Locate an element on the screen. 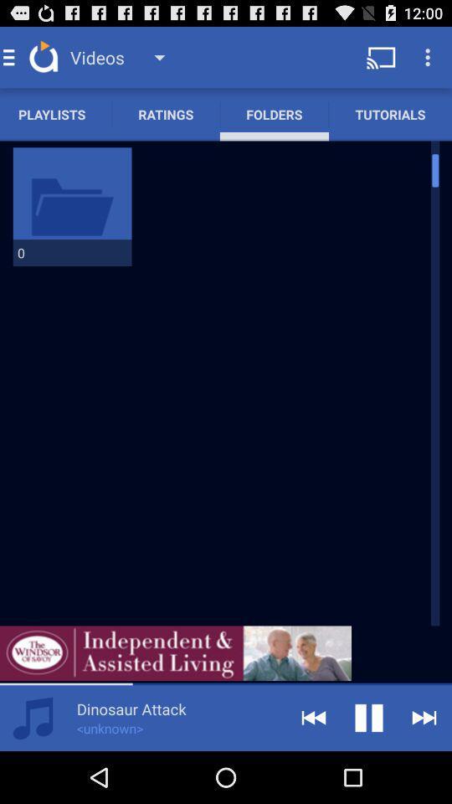 The height and width of the screenshot is (804, 452). the pause icon is located at coordinates (369, 768).